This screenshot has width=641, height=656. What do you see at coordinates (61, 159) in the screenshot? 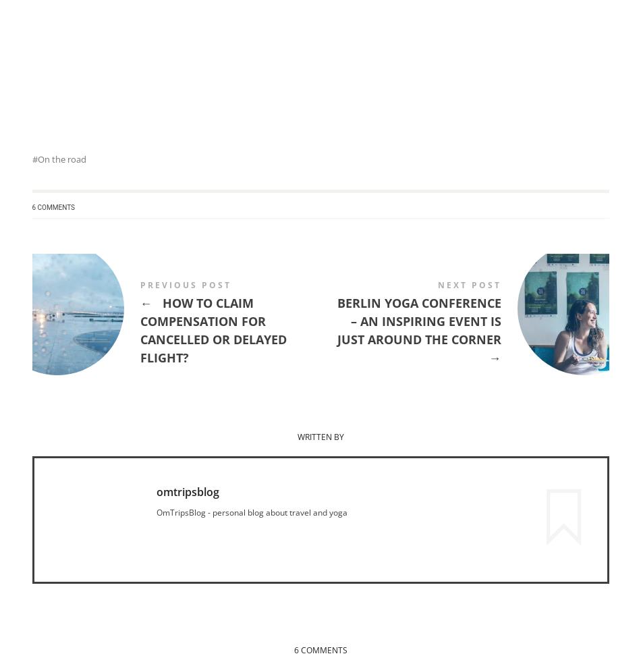
I see `'On the road'` at bounding box center [61, 159].